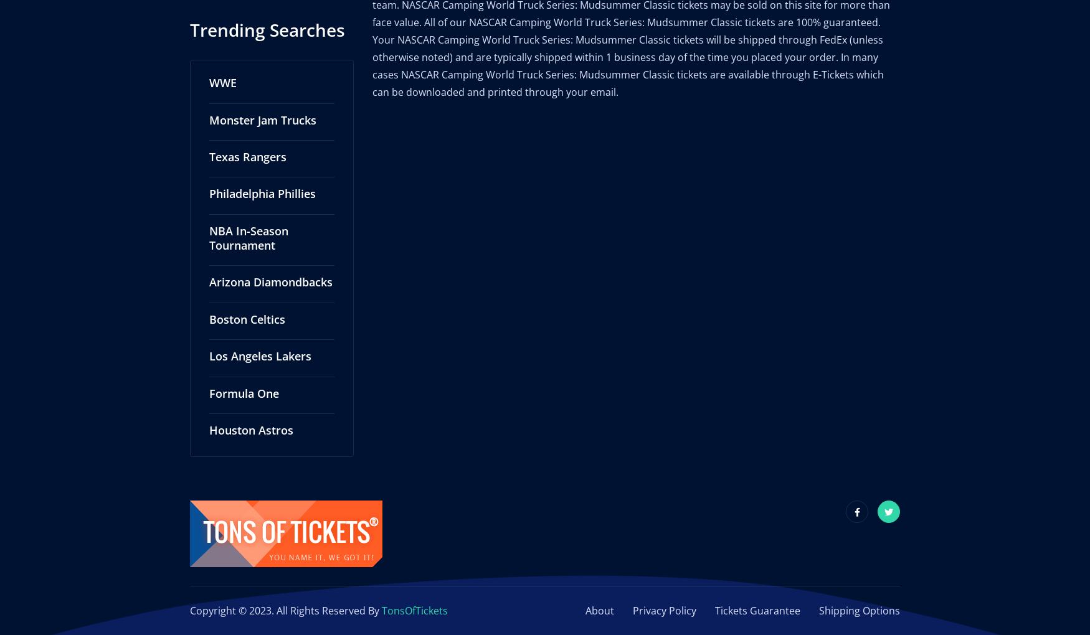 The height and width of the screenshot is (635, 1090). Describe the element at coordinates (382, 596) in the screenshot. I see `'TonsOfTickets'` at that location.